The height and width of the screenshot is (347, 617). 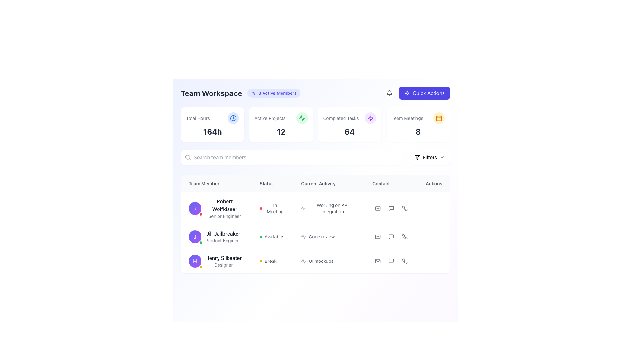 What do you see at coordinates (200, 267) in the screenshot?
I see `the visual status of the Status indicator badge located in the bottom-right corner of the avatar for 'Henry Silkeater' in the 'Team Member' column, positioned in the third row` at bounding box center [200, 267].